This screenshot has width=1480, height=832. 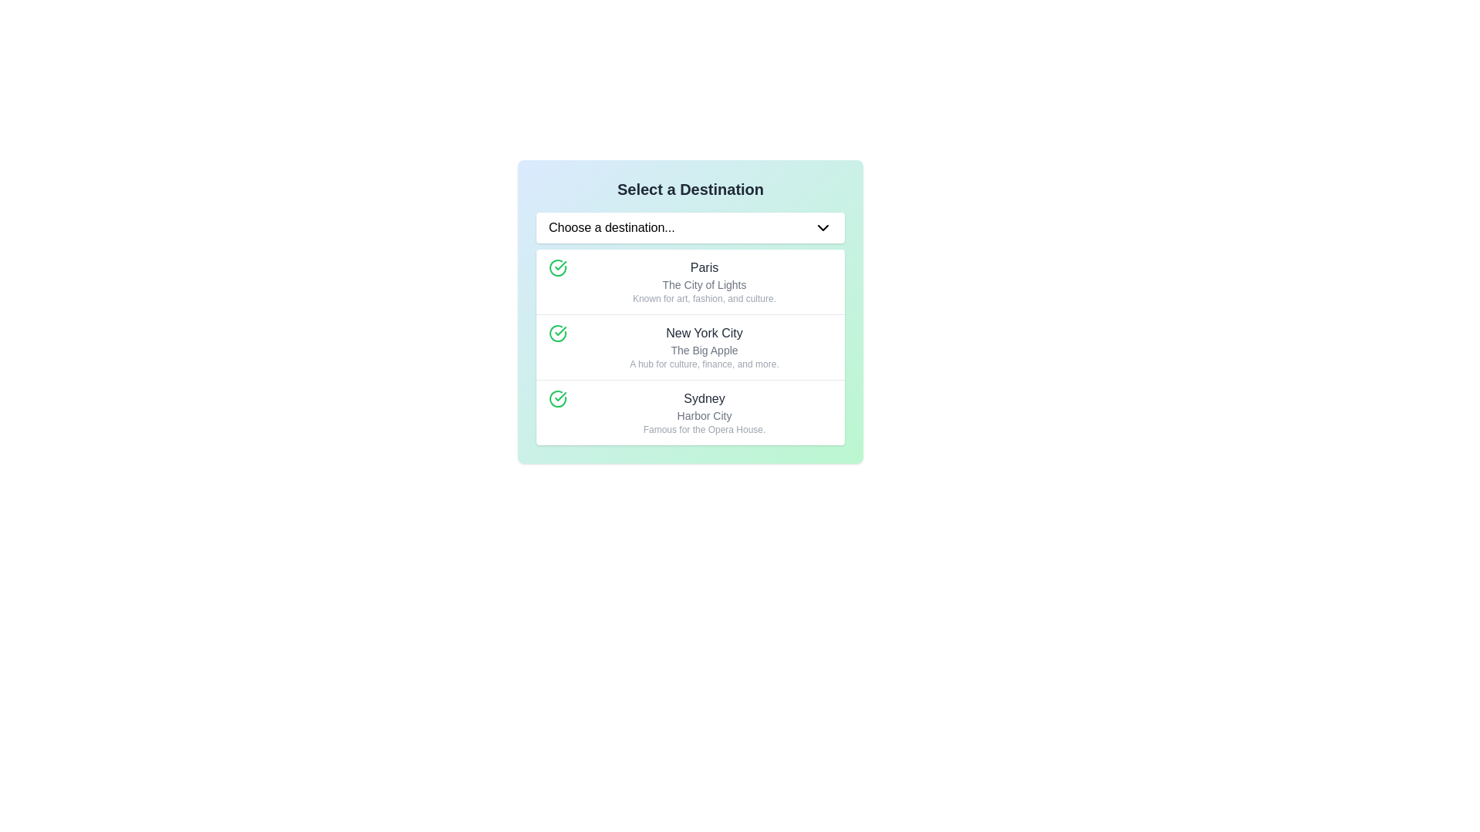 I want to click on text label displaying 'The Big Apple', which is styled in gray and located below 'New York City' and above the description text about culture and finance, so click(x=703, y=351).